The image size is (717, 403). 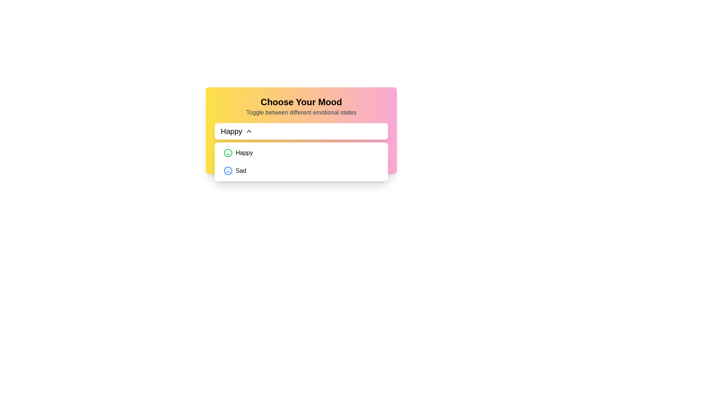 What do you see at coordinates (238, 152) in the screenshot?
I see `the 'Happy' option in the dropdown menu` at bounding box center [238, 152].